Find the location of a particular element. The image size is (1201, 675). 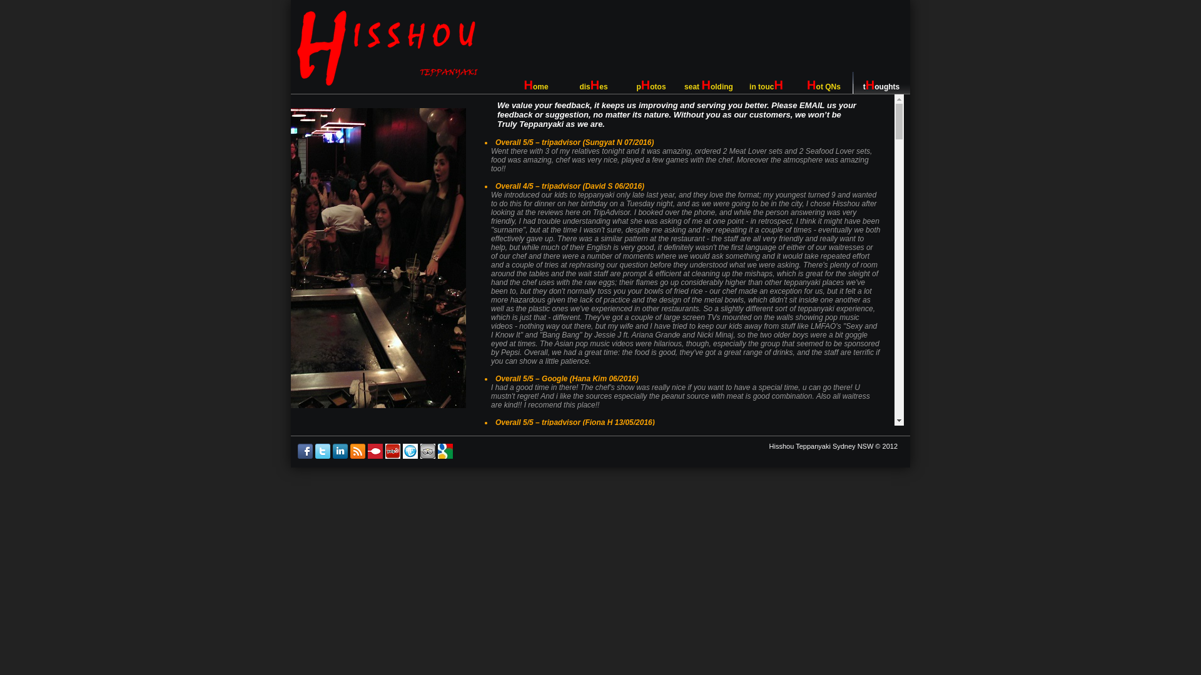

'linkedin' is located at coordinates (340, 456).